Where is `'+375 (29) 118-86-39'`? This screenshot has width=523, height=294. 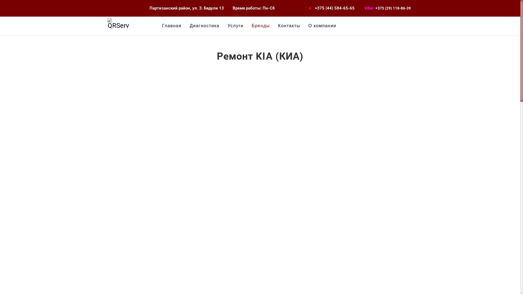 '+375 (29) 118-86-39' is located at coordinates (393, 8).